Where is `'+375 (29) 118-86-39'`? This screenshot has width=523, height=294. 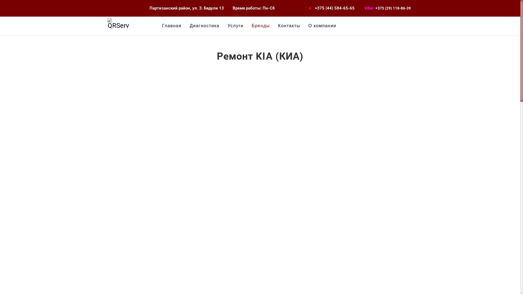 '+375 (29) 118-86-39' is located at coordinates (393, 8).